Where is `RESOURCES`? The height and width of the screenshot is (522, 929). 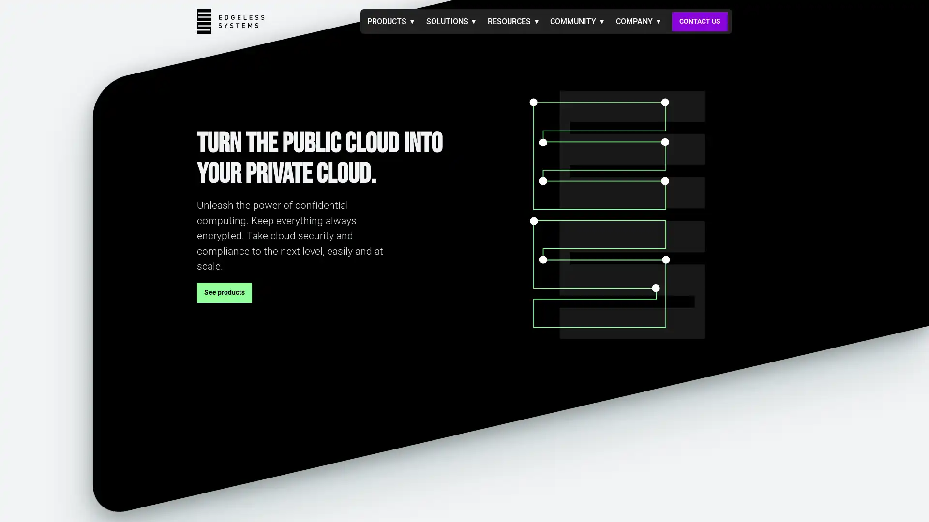 RESOURCES is located at coordinates (512, 21).